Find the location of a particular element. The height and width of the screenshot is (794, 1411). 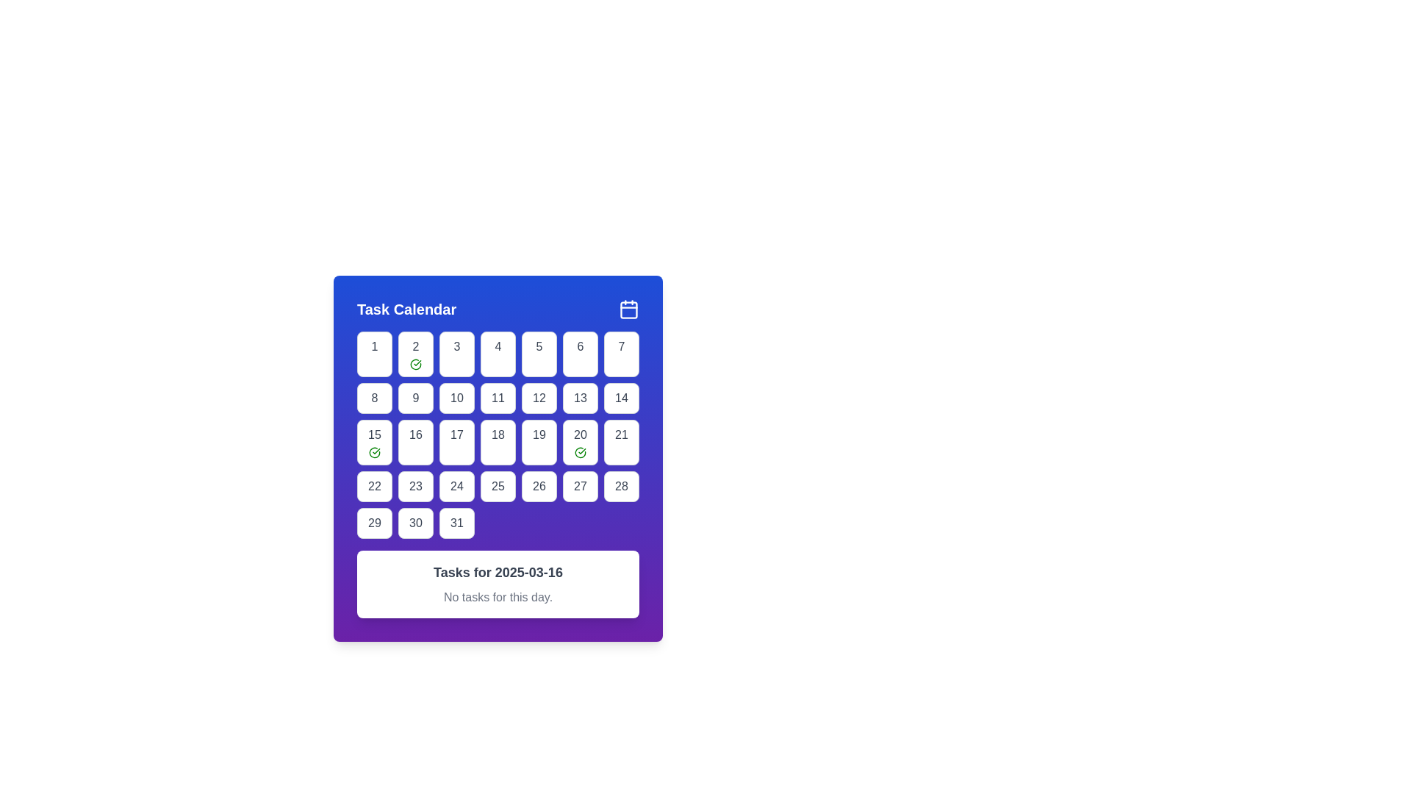

the Calendar Day Cell that visually represents a completed day with a green checkmark, located is located at coordinates (415, 354).